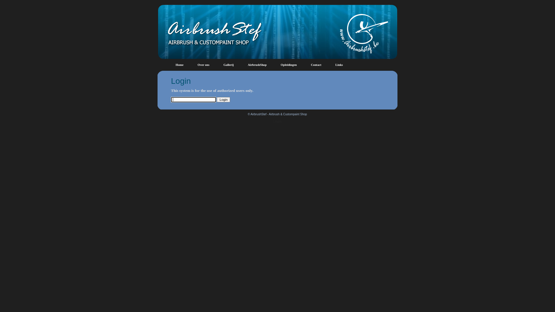 This screenshot has width=555, height=312. Describe the element at coordinates (228, 65) in the screenshot. I see `'Gallerij'` at that location.